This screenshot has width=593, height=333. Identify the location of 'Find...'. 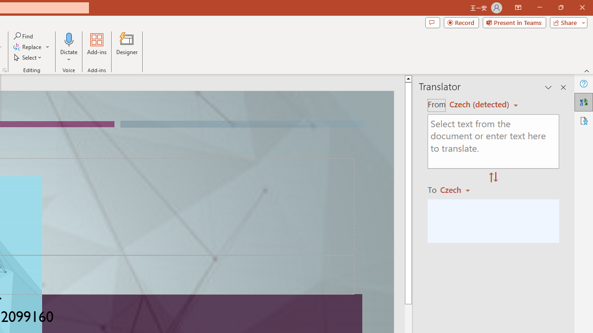
(24, 36).